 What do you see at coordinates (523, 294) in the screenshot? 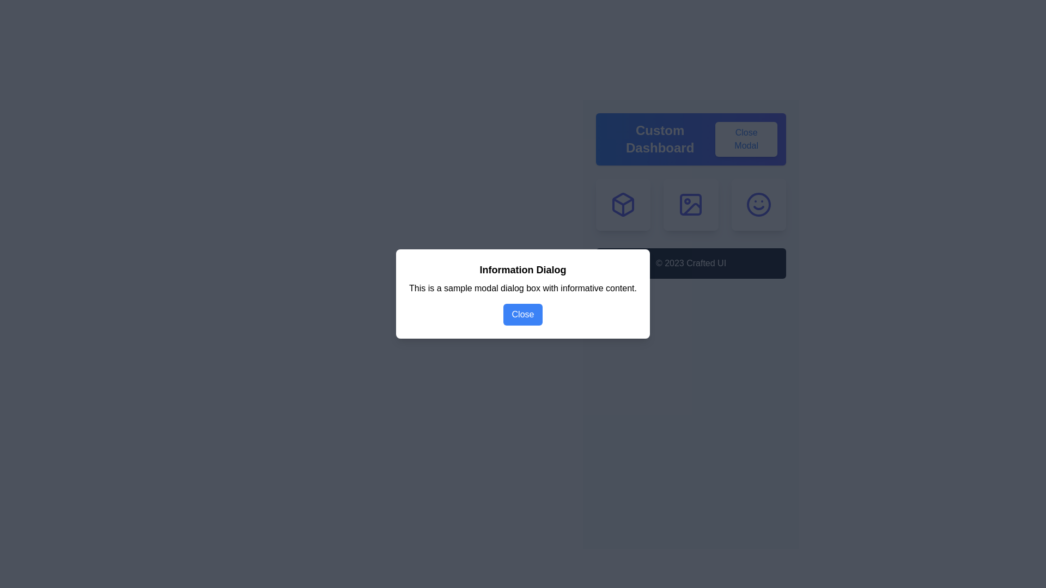
I see `the 'Close' button located at the bottom of the white modal dialog box titled 'Information Dialog'` at bounding box center [523, 294].